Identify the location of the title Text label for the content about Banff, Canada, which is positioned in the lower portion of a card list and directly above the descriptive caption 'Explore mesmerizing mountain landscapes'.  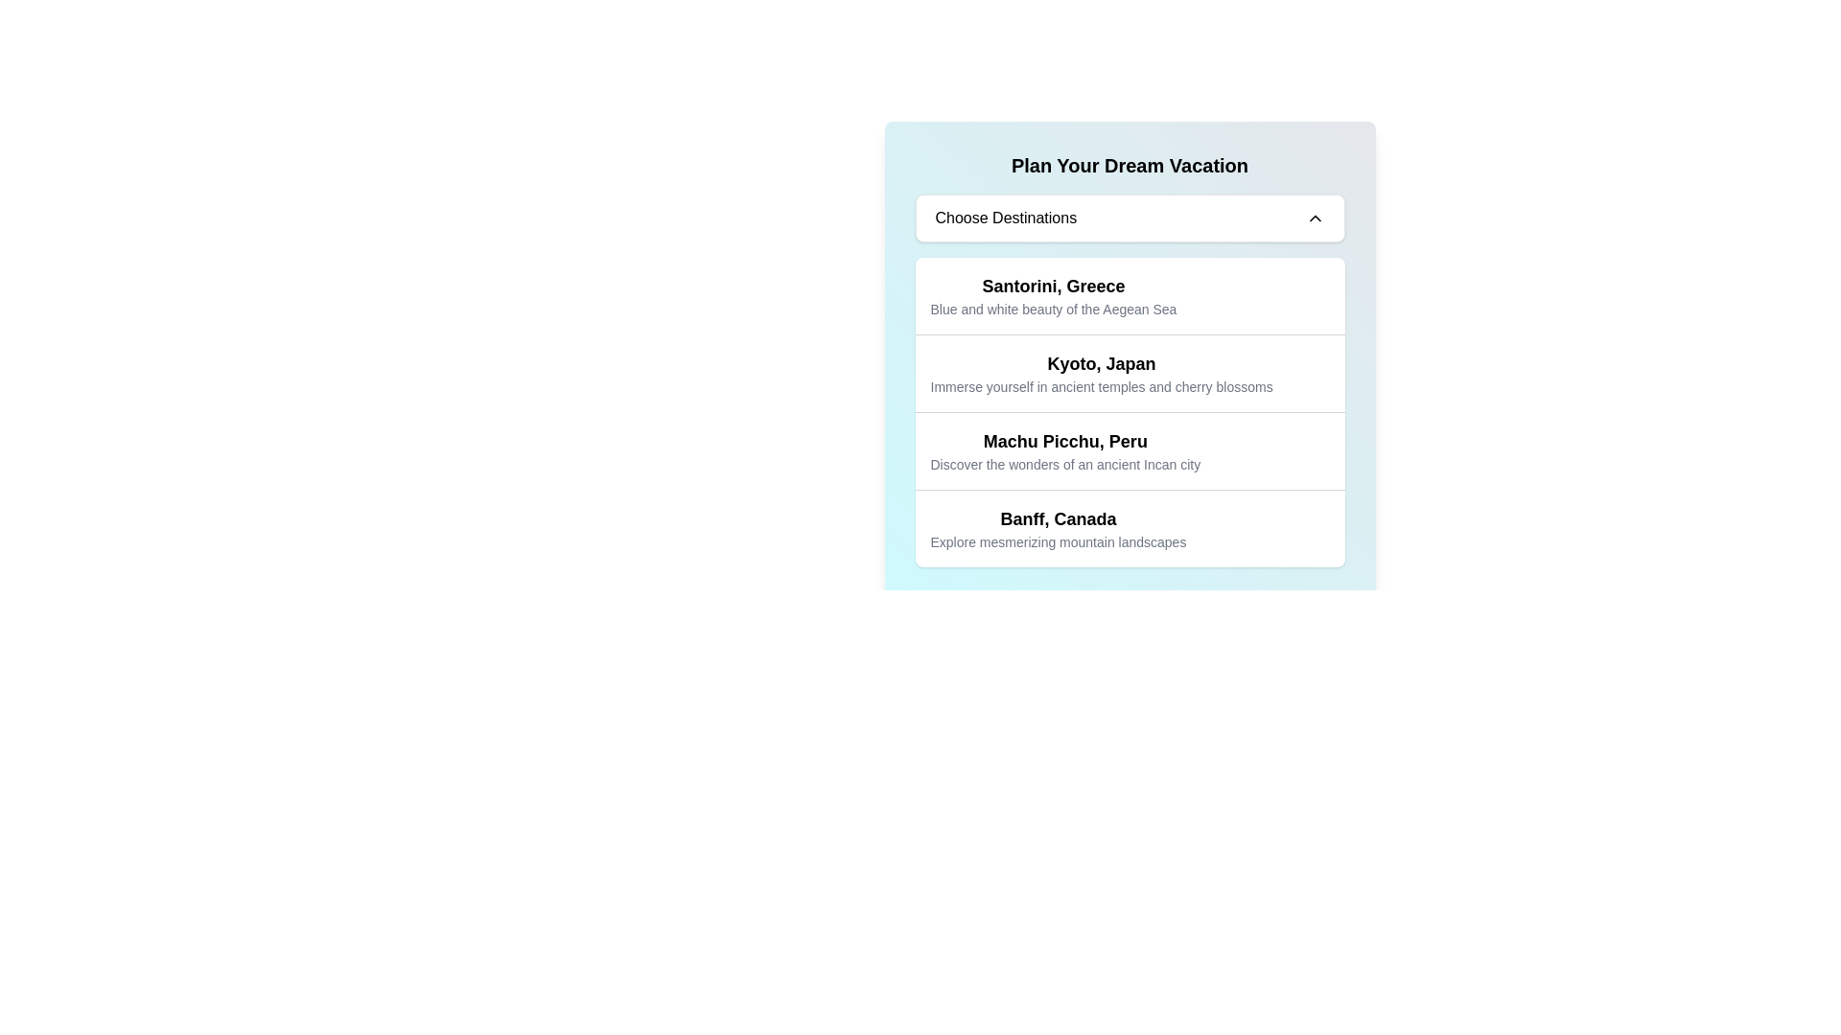
(1058, 519).